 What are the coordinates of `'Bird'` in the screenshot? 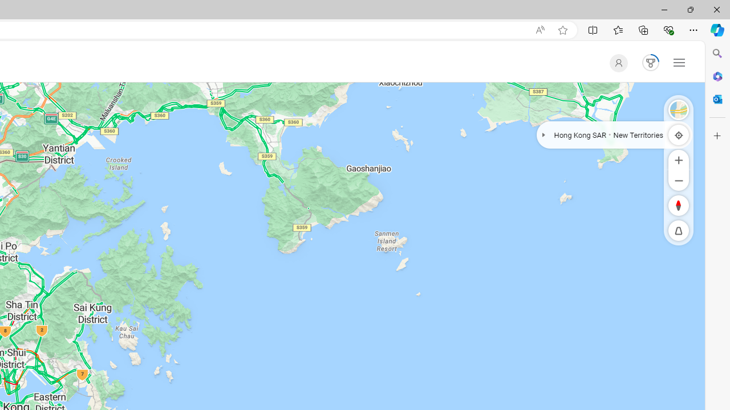 It's located at (679, 109).